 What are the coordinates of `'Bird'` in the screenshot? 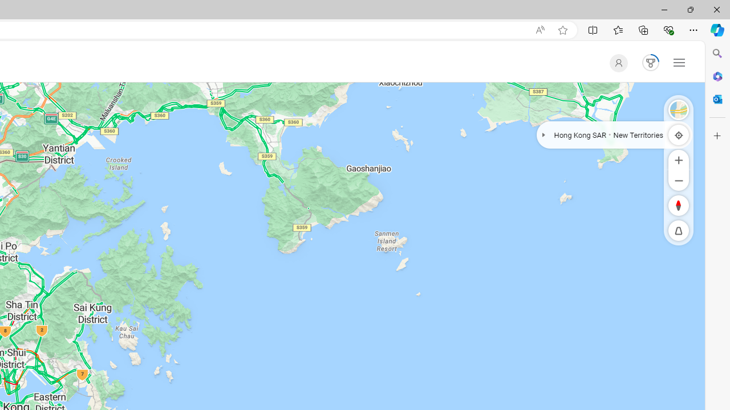 It's located at (679, 109).